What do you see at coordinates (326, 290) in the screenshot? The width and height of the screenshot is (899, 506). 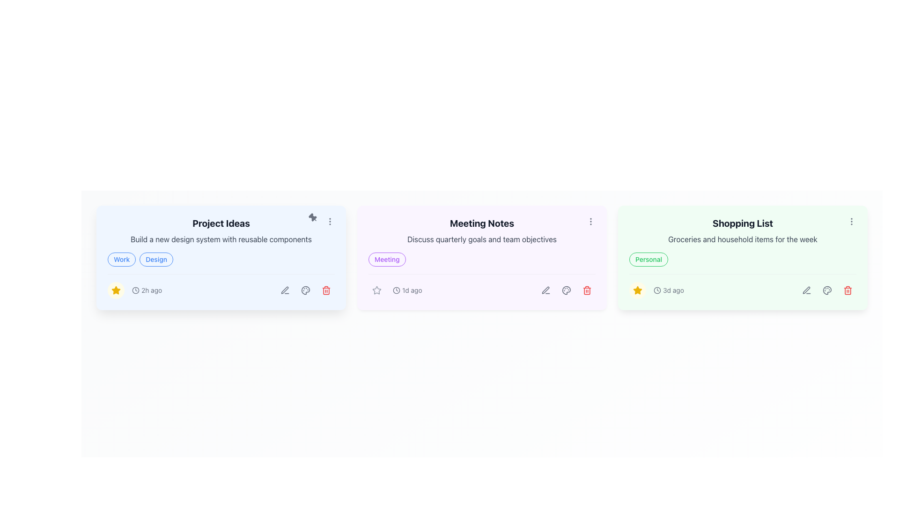 I see `the icon button with a trash can symbol located at the bottom-right corner of the 'Project Ideas' card` at bounding box center [326, 290].